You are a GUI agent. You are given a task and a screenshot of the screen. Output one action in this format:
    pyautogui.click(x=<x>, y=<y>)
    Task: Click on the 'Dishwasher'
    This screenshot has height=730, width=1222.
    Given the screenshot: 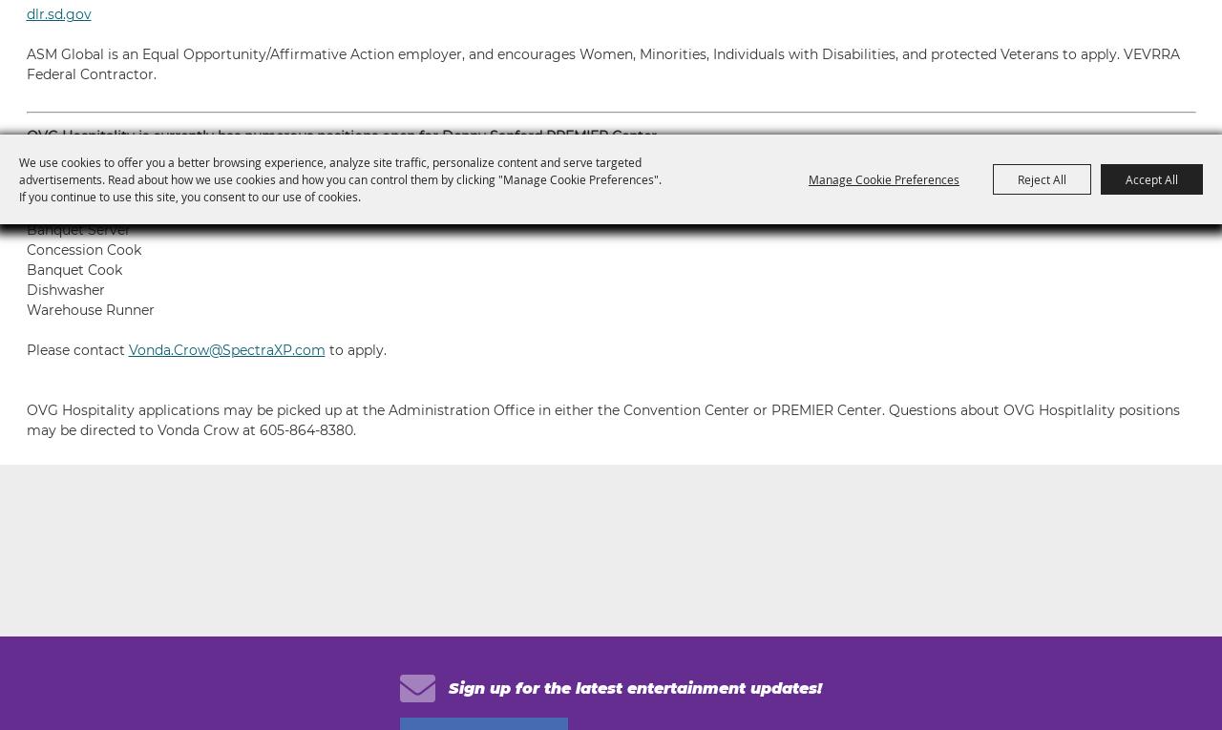 What is the action you would take?
    pyautogui.click(x=64, y=290)
    